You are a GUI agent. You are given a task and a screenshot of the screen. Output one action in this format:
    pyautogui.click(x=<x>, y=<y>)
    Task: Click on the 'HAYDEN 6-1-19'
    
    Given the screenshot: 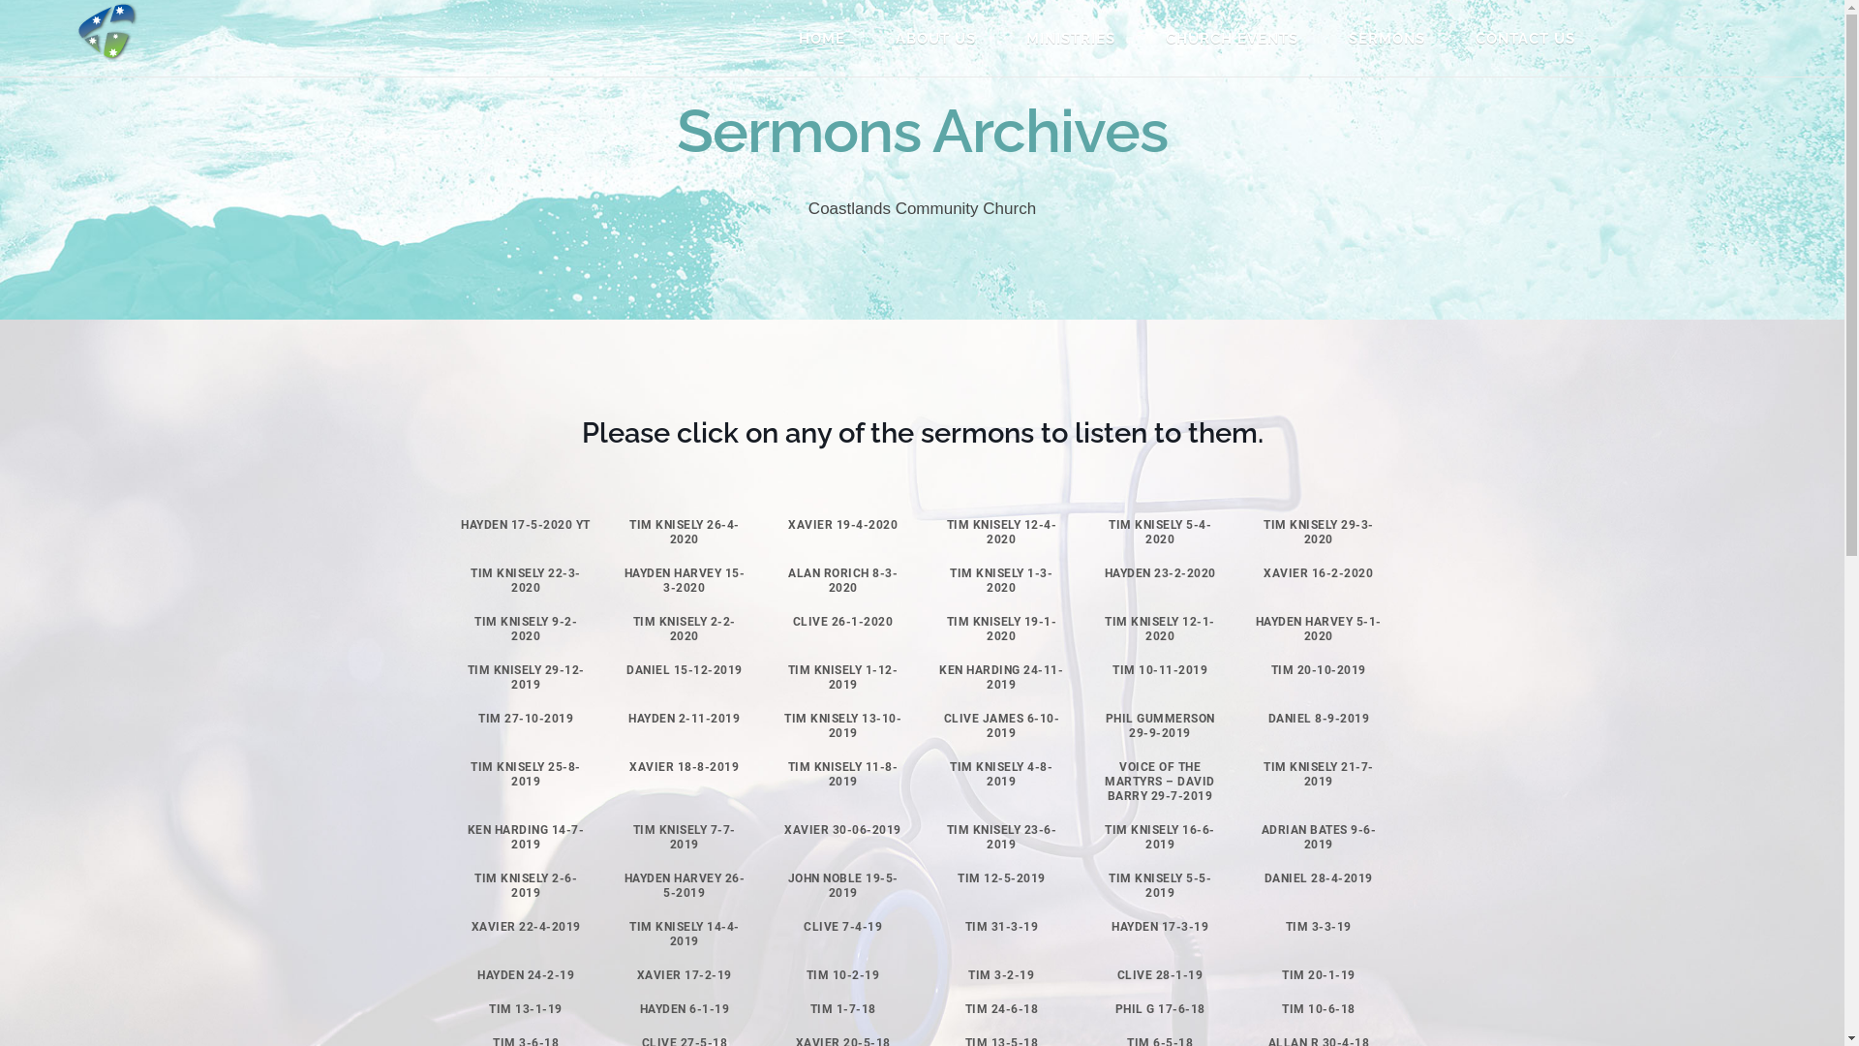 What is the action you would take?
    pyautogui.click(x=685, y=1007)
    